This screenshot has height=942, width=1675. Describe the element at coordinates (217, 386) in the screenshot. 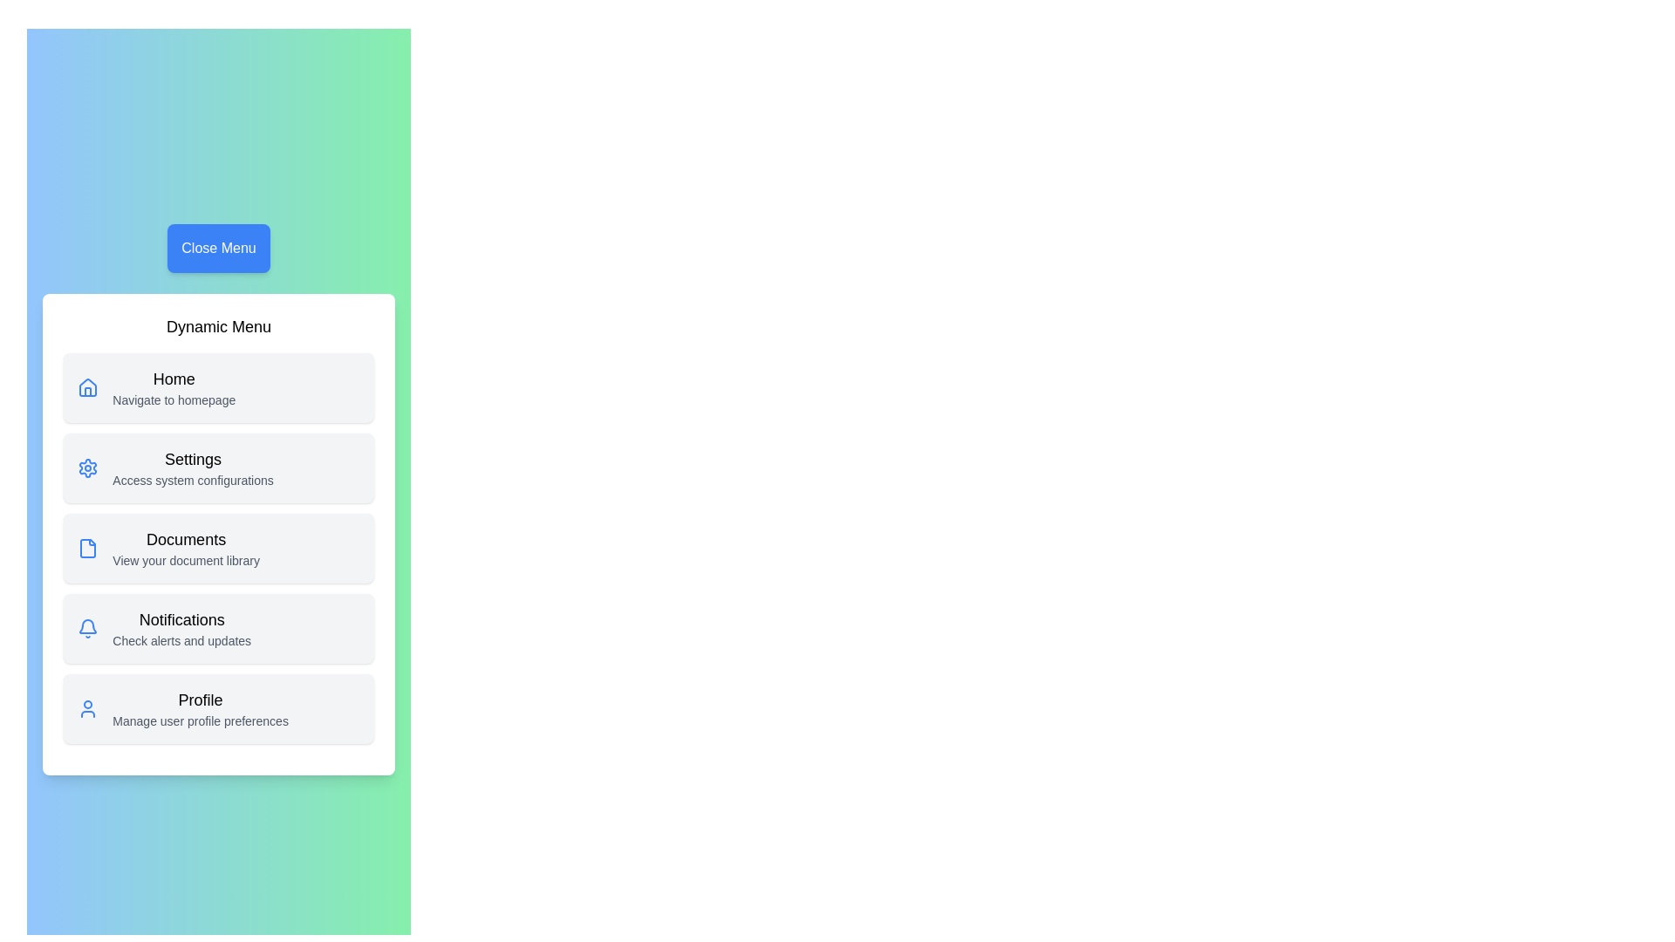

I see `the menu item corresponding to Home` at that location.